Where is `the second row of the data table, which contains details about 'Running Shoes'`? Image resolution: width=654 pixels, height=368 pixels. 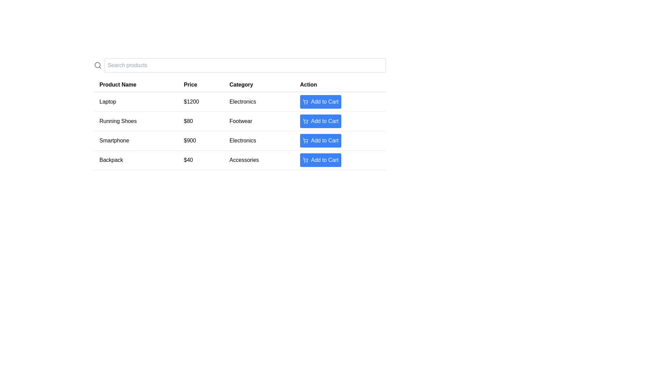
the second row of the data table, which contains details about 'Running Shoes' is located at coordinates (240, 131).